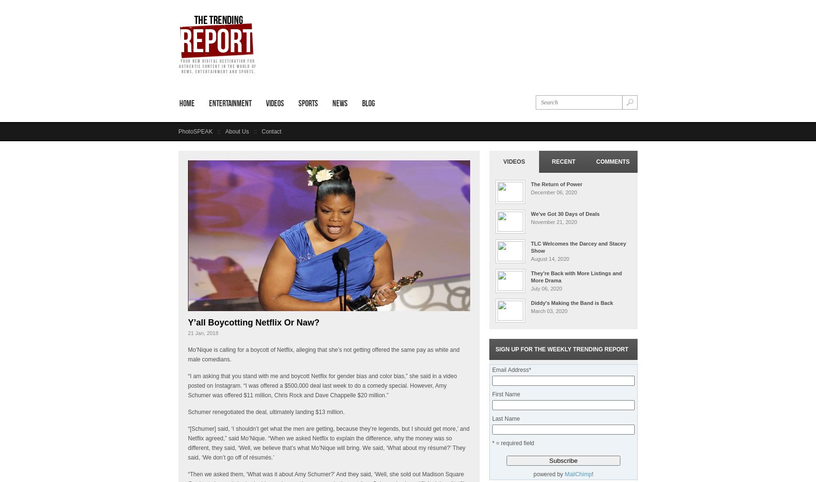  I want to click on 'Diddy's Making the Band is Back', so click(572, 303).